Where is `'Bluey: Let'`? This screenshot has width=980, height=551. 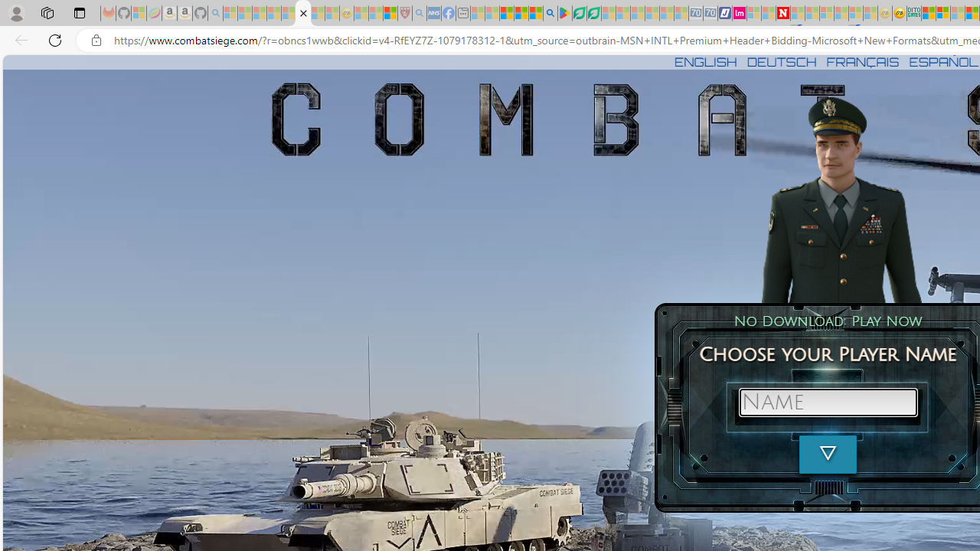 'Bluey: Let' is located at coordinates (563, 13).